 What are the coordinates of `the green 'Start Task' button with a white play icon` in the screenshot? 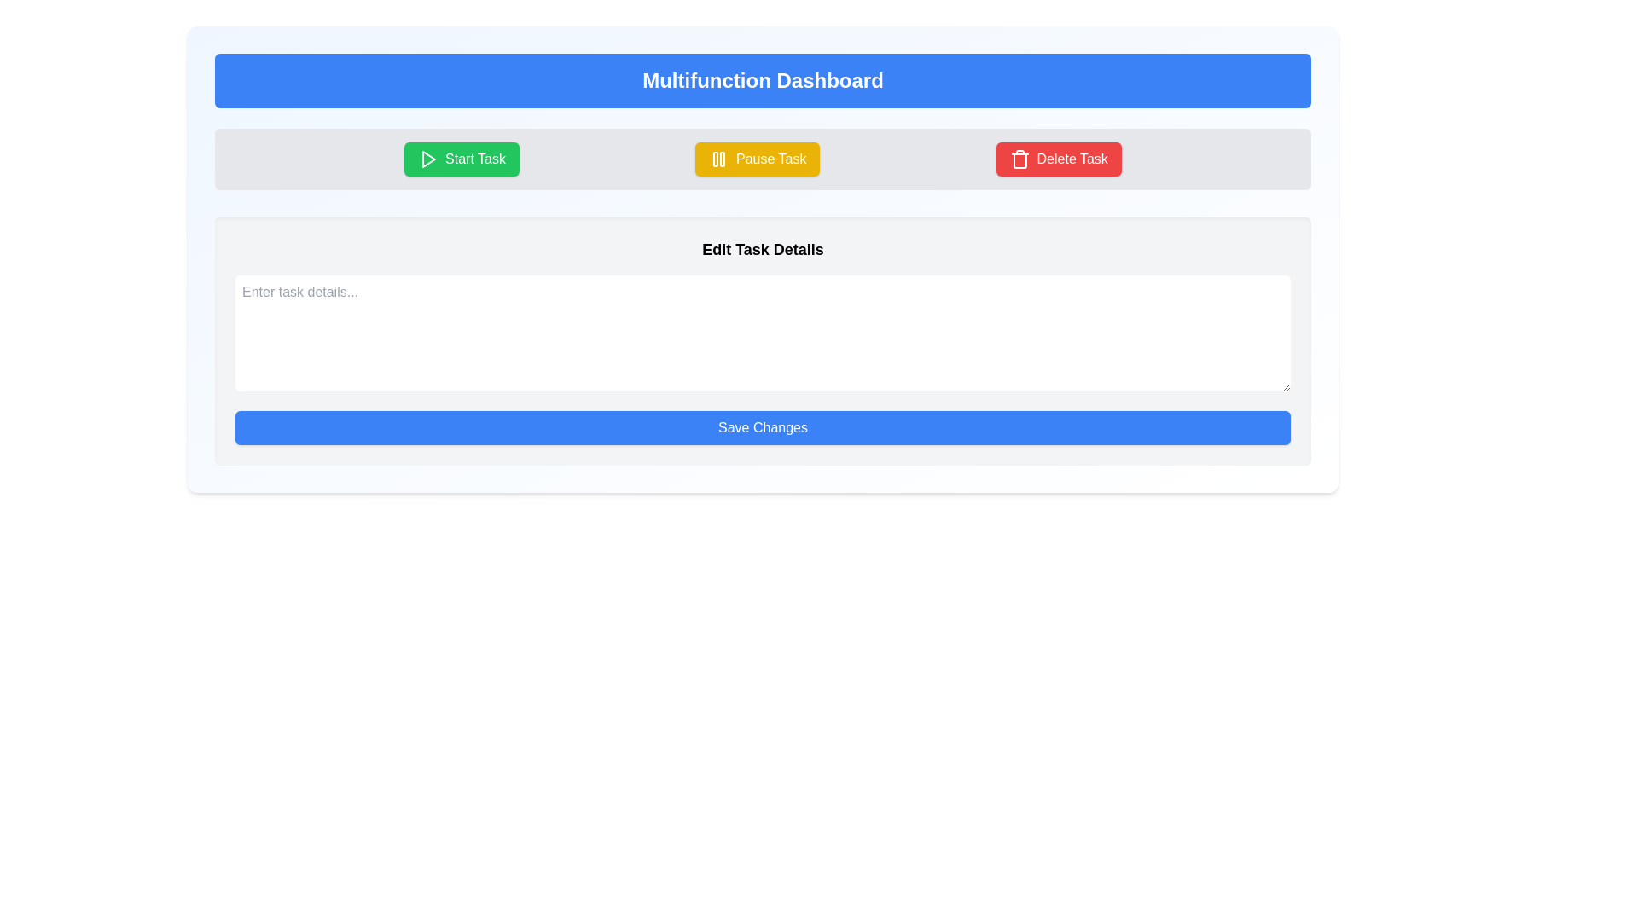 It's located at (462, 159).